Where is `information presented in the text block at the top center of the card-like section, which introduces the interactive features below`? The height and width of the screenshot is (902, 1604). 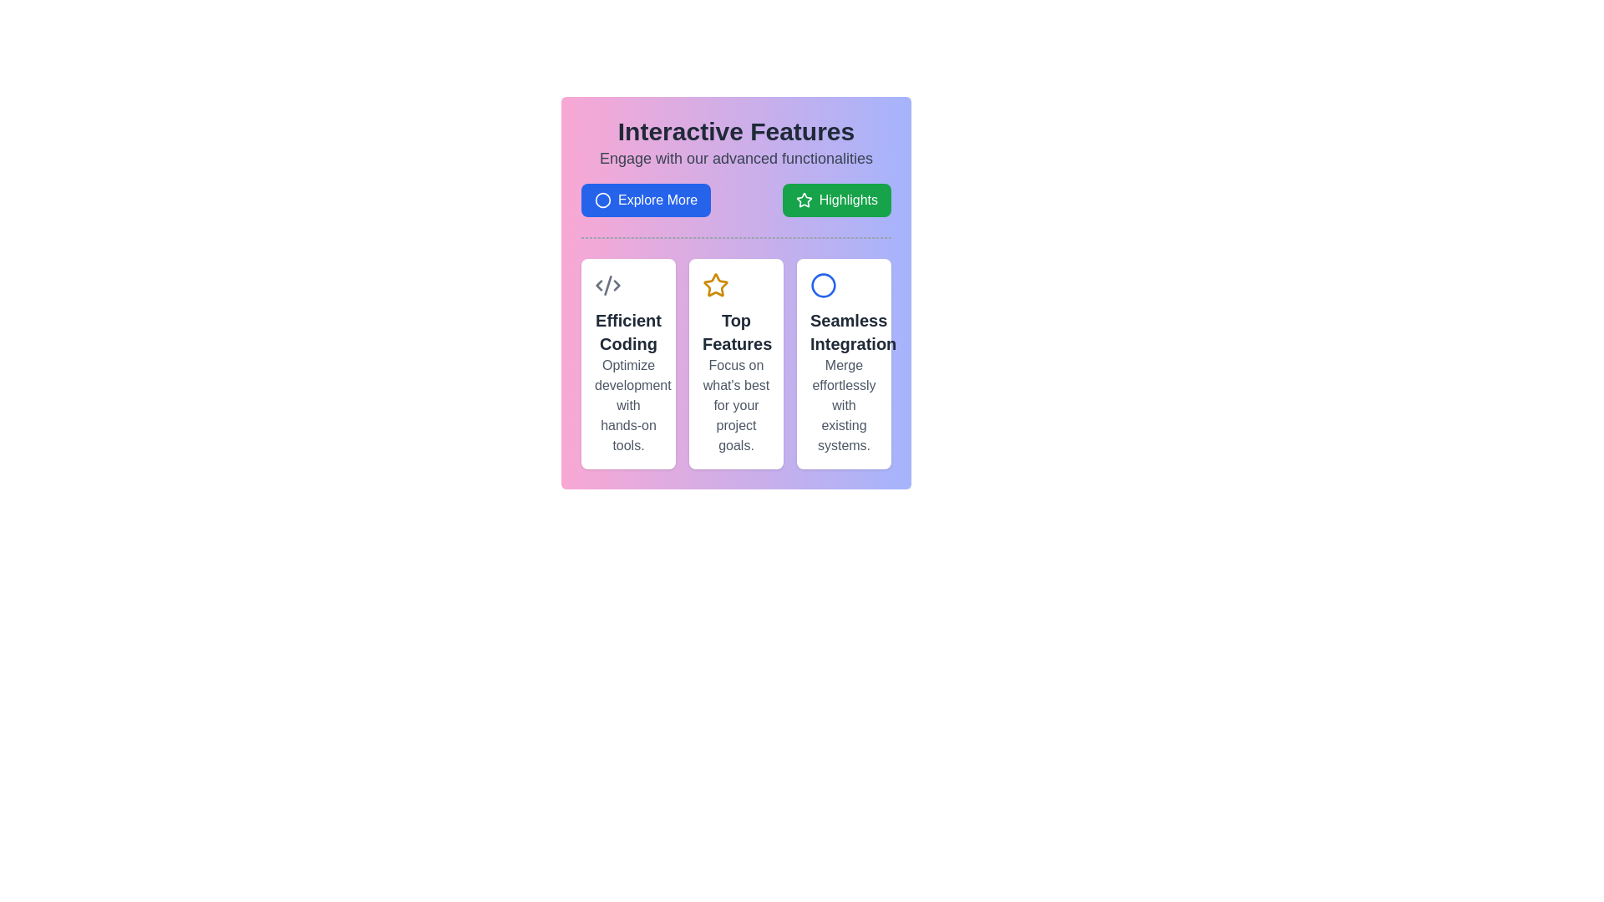 information presented in the text block at the top center of the card-like section, which introduces the interactive features below is located at coordinates (735, 143).